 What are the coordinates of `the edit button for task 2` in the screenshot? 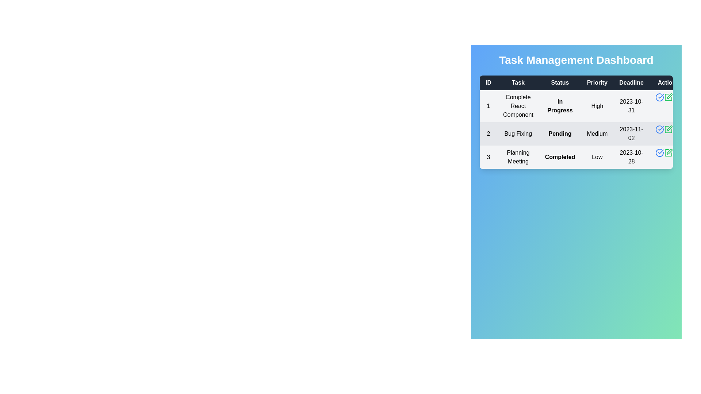 It's located at (668, 129).